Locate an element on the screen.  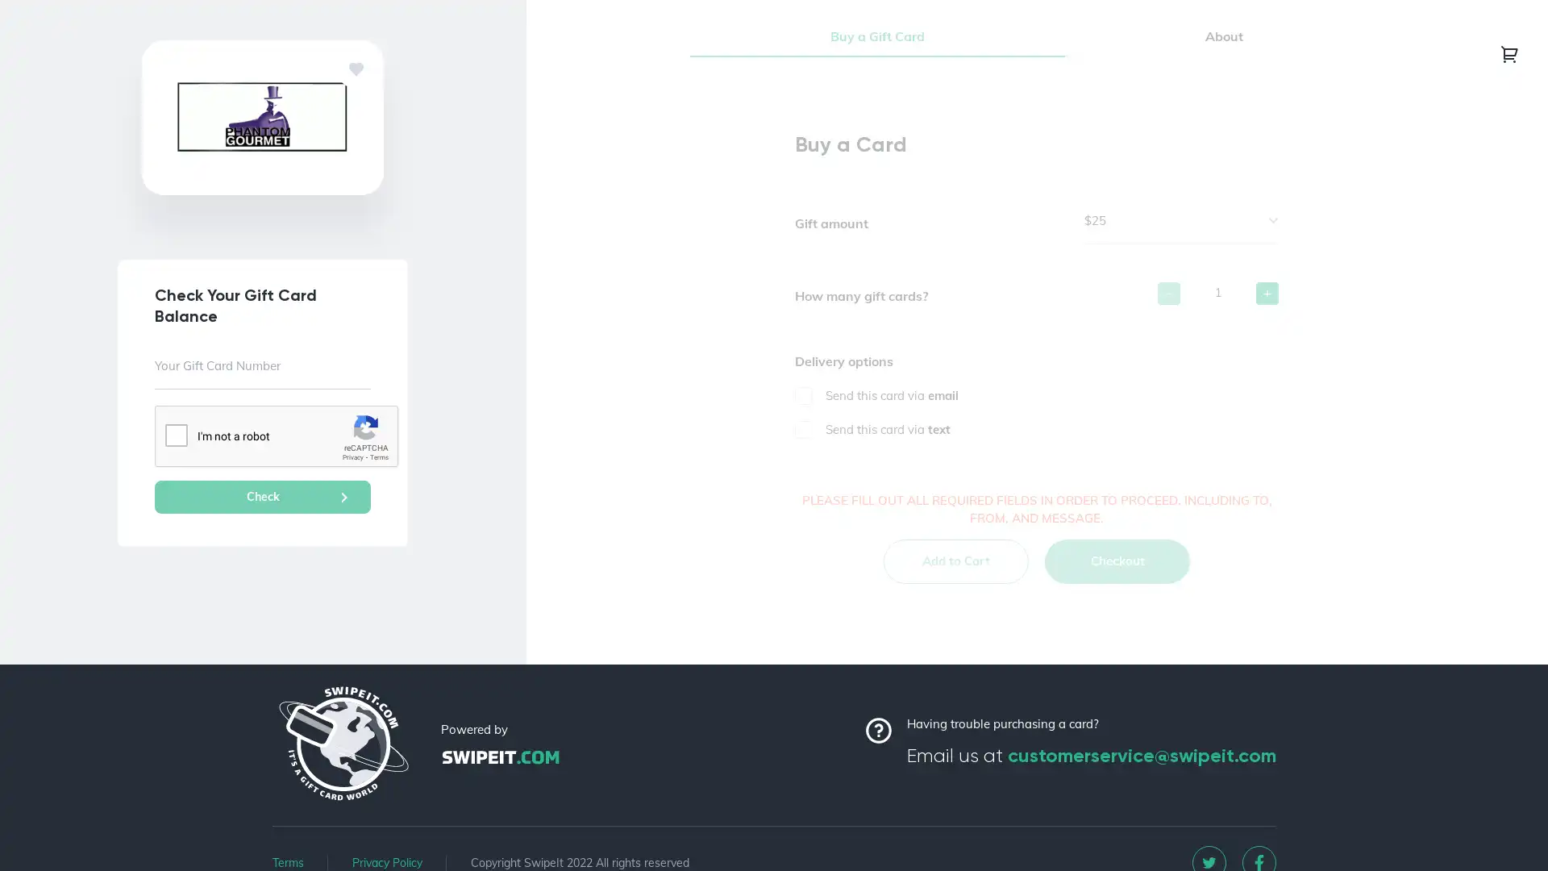
Toggle navigation is located at coordinates (1508, 52).